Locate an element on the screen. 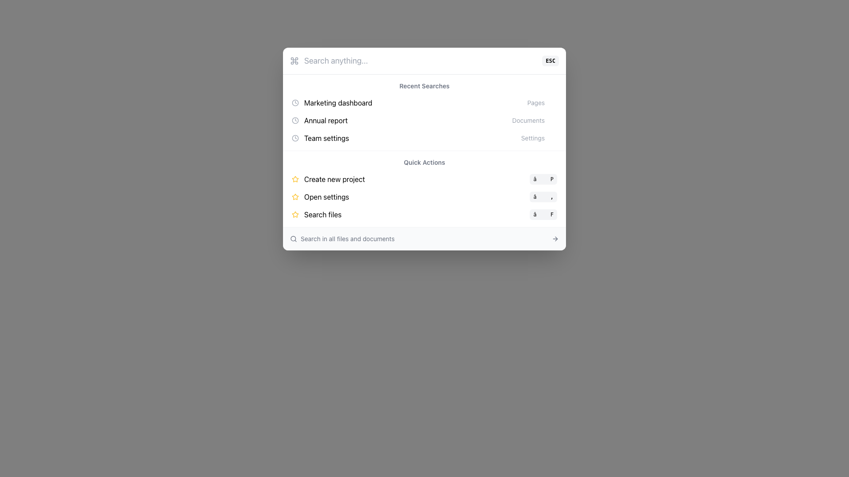  the icon located to the left of the 'Create new project' text in the 'Quick Actions' section of the modal window is located at coordinates (295, 179).